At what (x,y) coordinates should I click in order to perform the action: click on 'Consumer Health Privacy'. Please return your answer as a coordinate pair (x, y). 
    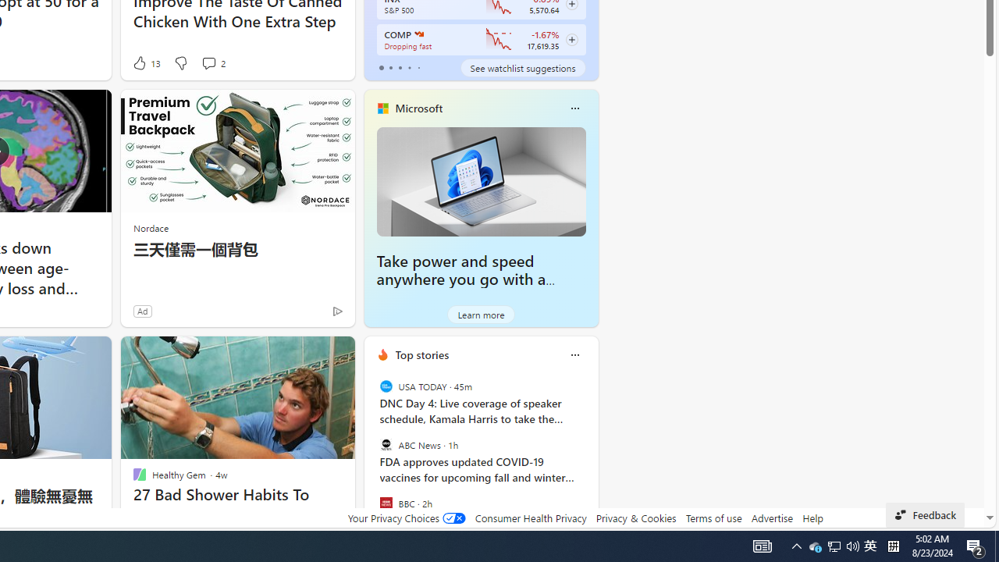
    Looking at the image, I should click on (531, 518).